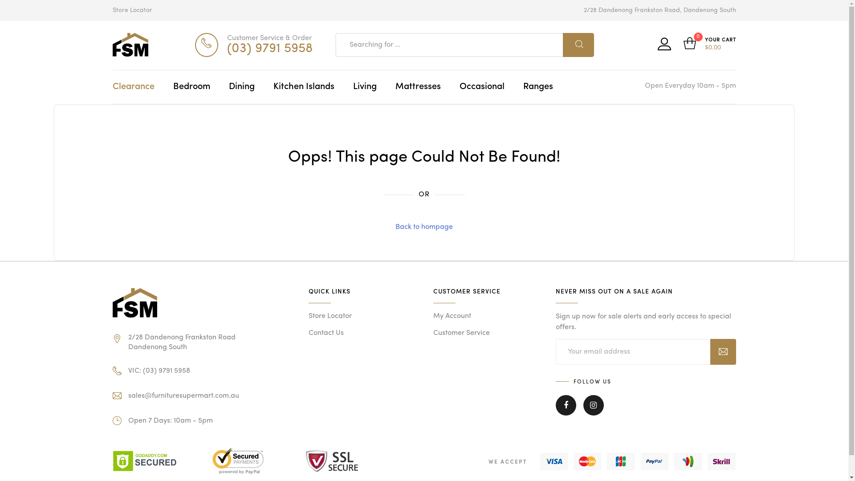  What do you see at coordinates (131, 10) in the screenshot?
I see `'Store Locator'` at bounding box center [131, 10].